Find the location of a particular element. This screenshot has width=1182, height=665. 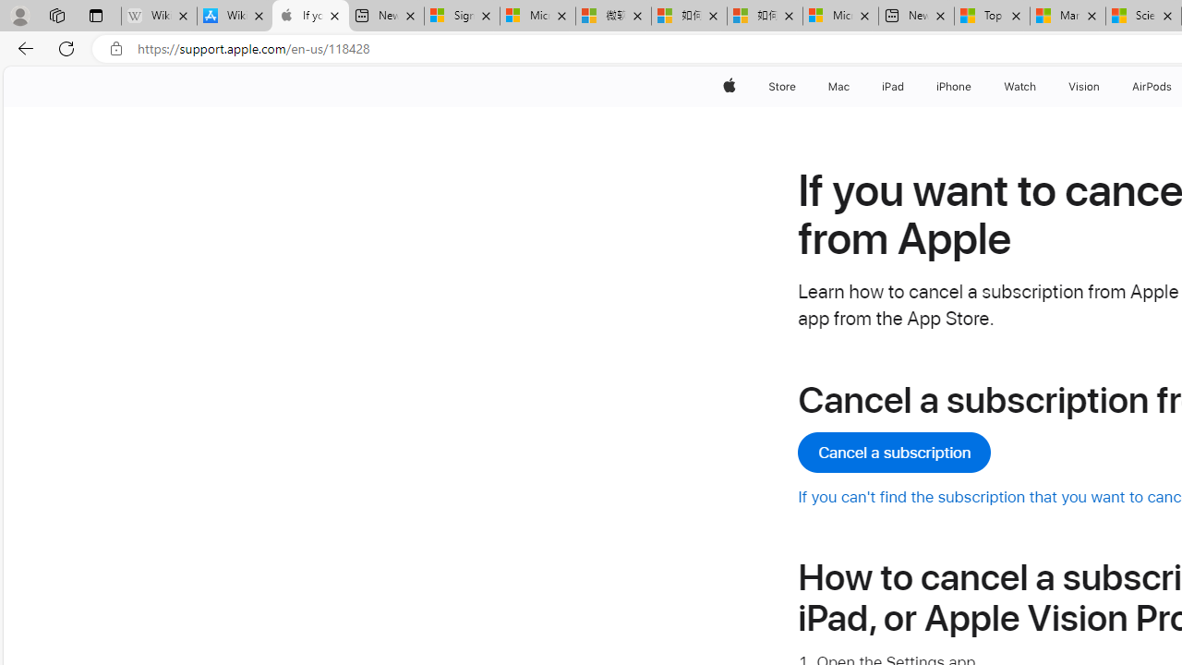

'Sign in to your Microsoft account' is located at coordinates (462, 16).